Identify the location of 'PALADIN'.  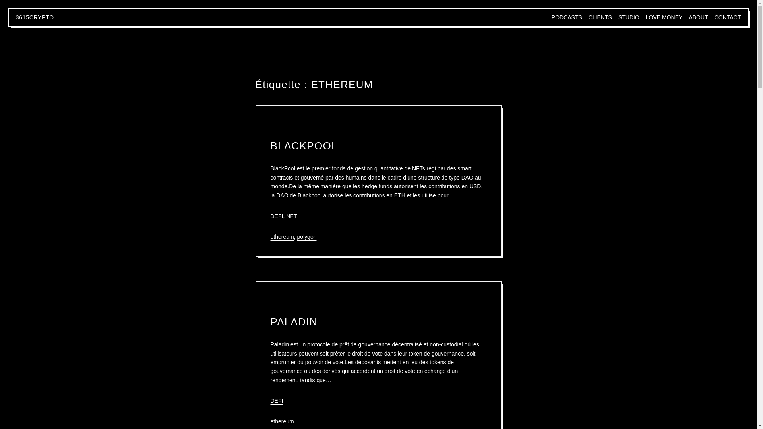
(293, 322).